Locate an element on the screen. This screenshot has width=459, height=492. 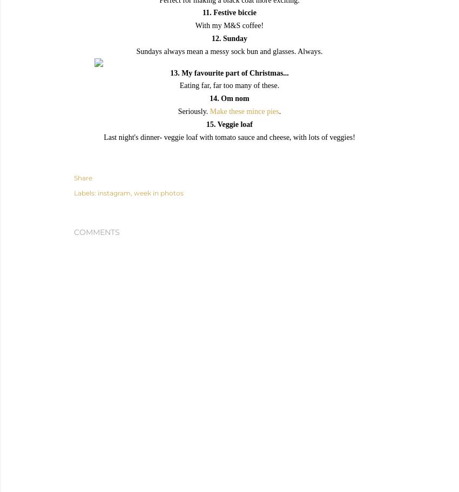
'Sundays always mean a messy sock bun and glasses. Always.' is located at coordinates (229, 51).